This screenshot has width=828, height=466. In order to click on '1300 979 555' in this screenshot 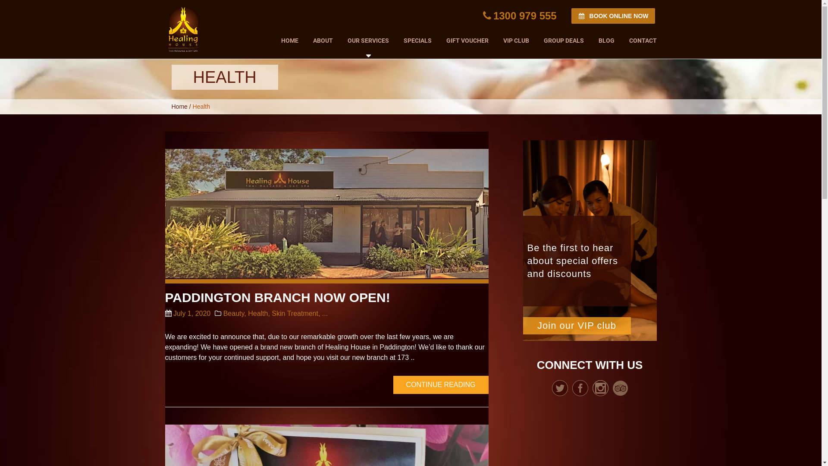, I will do `click(519, 16)`.